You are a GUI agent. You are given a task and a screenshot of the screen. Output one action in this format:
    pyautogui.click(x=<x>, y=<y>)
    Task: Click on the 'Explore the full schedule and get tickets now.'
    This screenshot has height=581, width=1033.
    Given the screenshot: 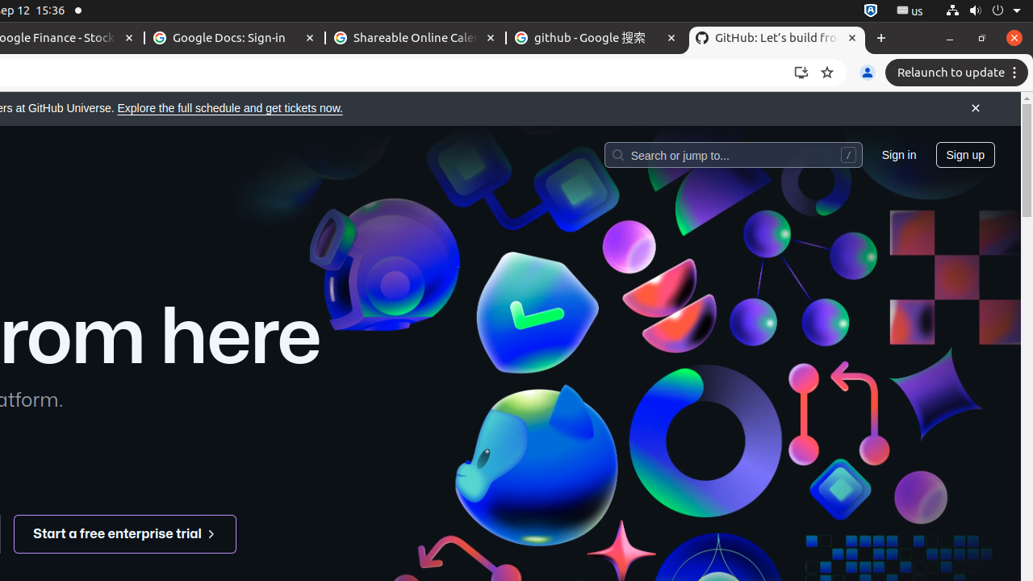 What is the action you would take?
    pyautogui.click(x=229, y=107)
    